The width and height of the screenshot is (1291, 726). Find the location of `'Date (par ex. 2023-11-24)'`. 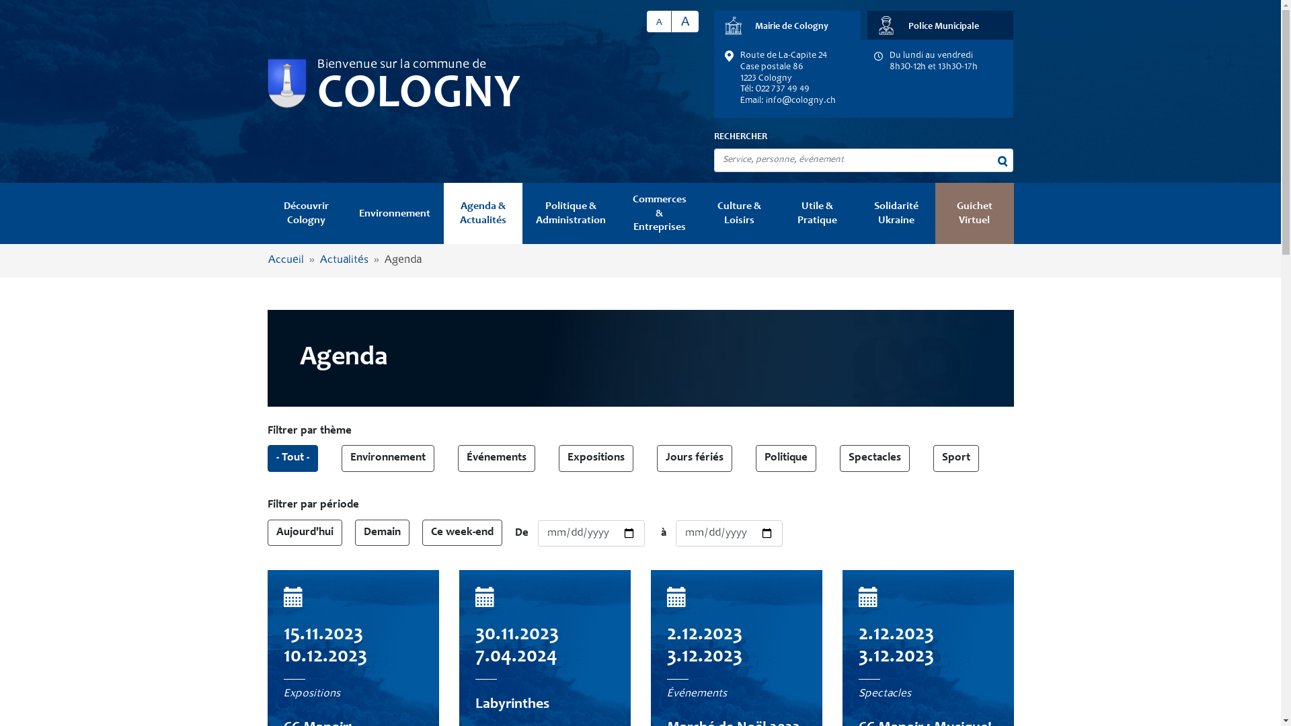

'Date (par ex. 2023-11-24)' is located at coordinates (591, 533).